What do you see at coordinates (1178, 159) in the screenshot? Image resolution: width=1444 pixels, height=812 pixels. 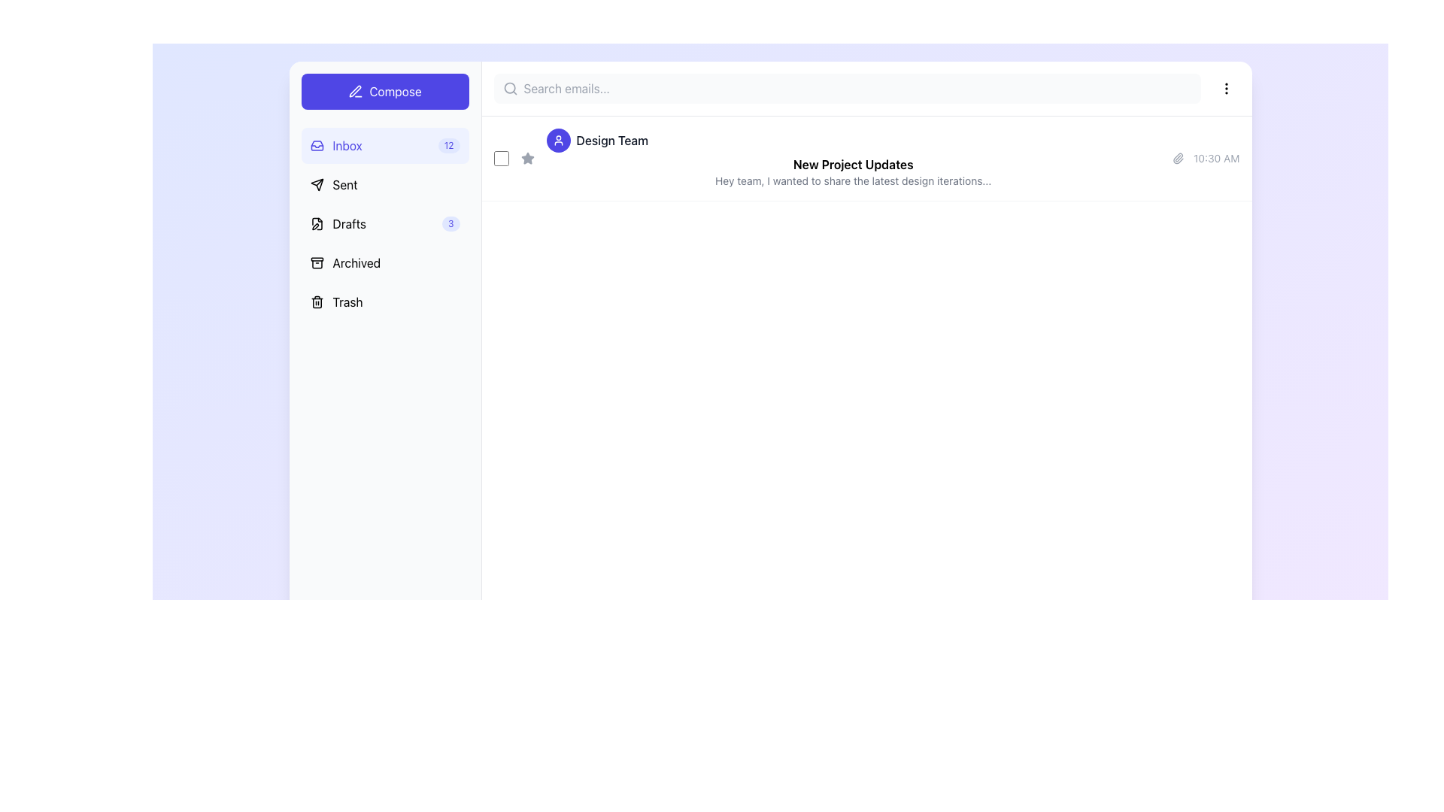 I see `the small gray paperclip icon, which is styled in a minimalist outline format and located to the left of the '10:30 AM' timestamp` at bounding box center [1178, 159].